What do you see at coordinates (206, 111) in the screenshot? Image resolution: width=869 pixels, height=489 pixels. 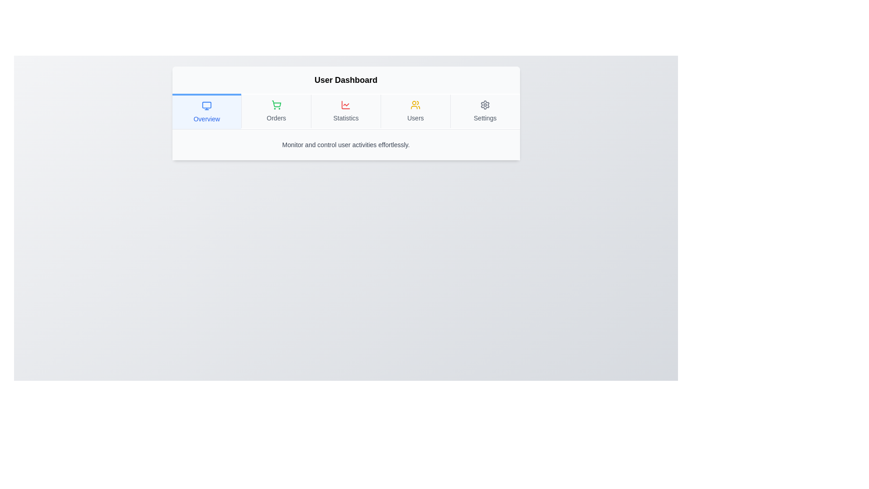 I see `the 'Overview' navigation button located at the far left of the navigation group in the user dashboard` at bounding box center [206, 111].